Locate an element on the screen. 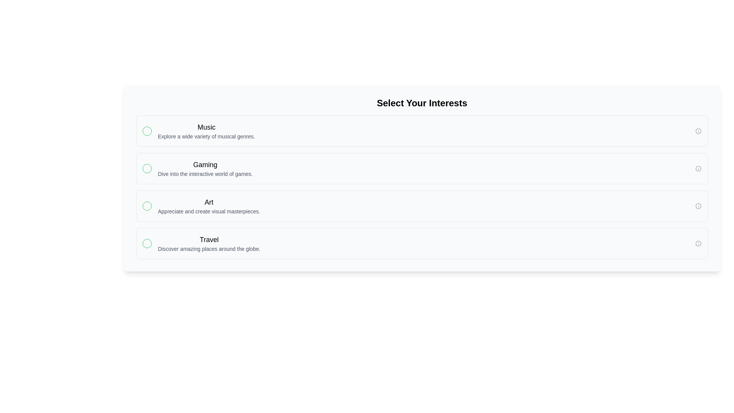 This screenshot has width=734, height=413. the information icon next to the Travel option to read its detailed description is located at coordinates (698, 243).